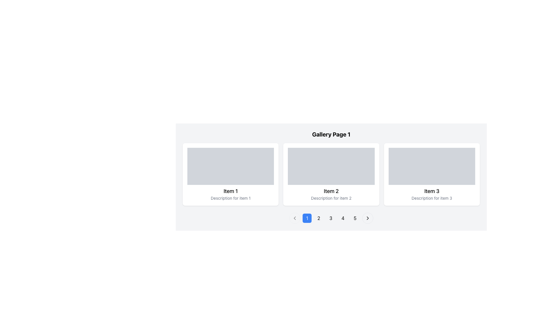 This screenshot has width=556, height=313. What do you see at coordinates (367, 218) in the screenshot?
I see `the right-facing chevron icon located within the circular button of the pagination control for keyboard navigation` at bounding box center [367, 218].